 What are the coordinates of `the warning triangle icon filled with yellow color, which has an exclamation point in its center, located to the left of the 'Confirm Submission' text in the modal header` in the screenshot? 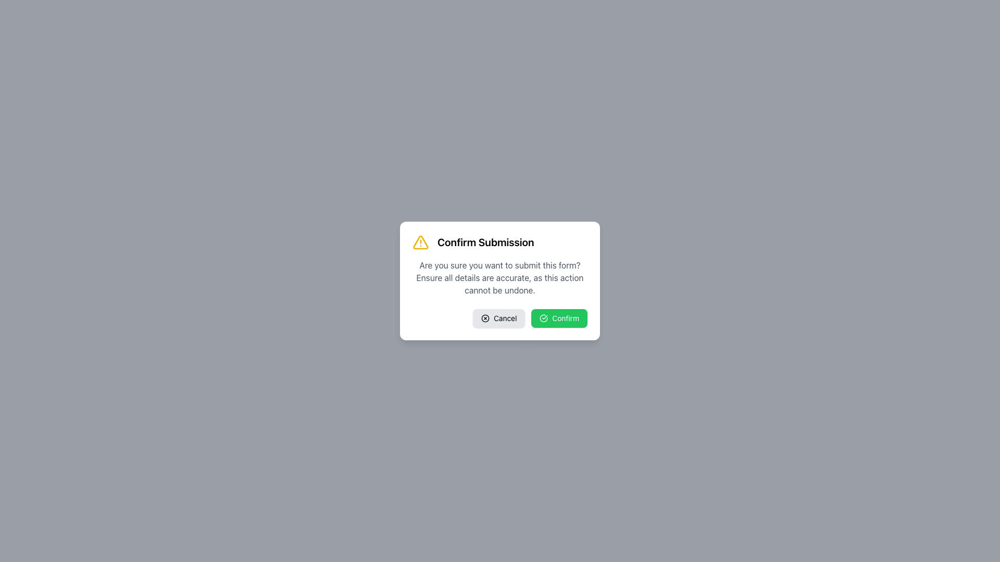 It's located at (420, 242).